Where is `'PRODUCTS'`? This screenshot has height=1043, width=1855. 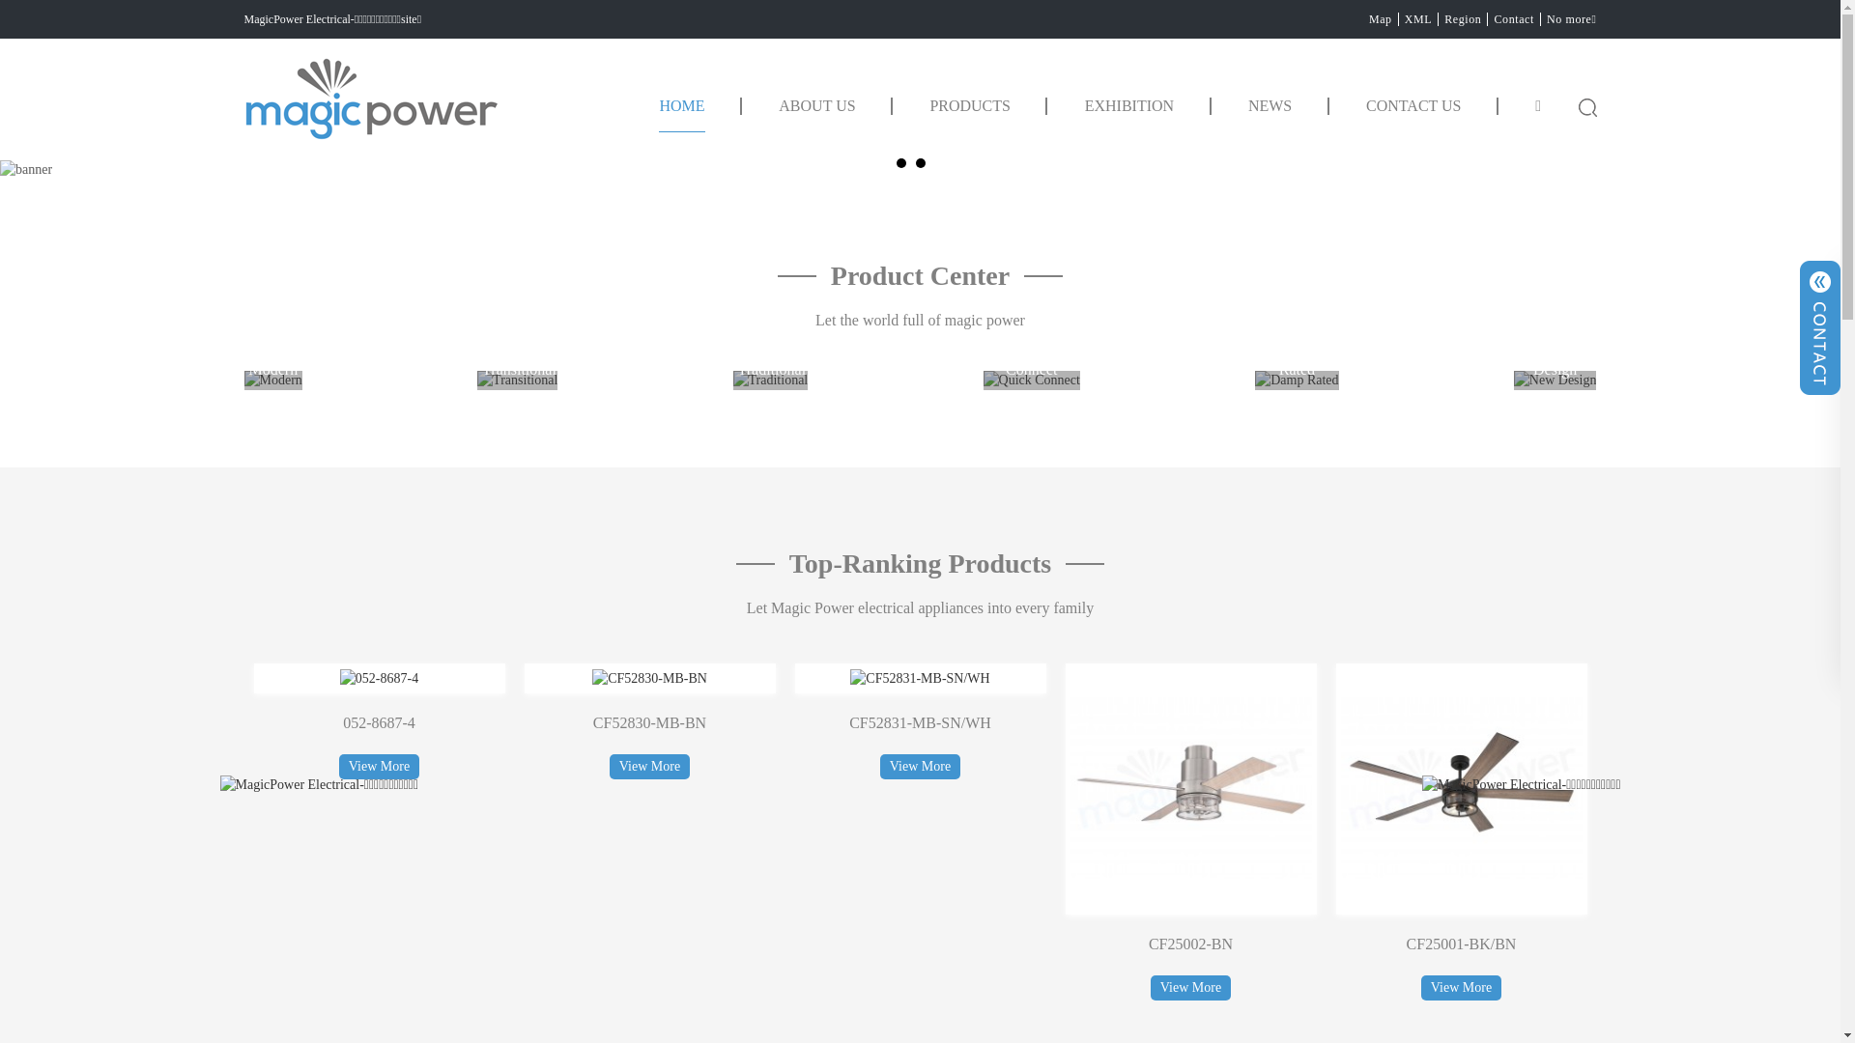 'PRODUCTS' is located at coordinates (969, 114).